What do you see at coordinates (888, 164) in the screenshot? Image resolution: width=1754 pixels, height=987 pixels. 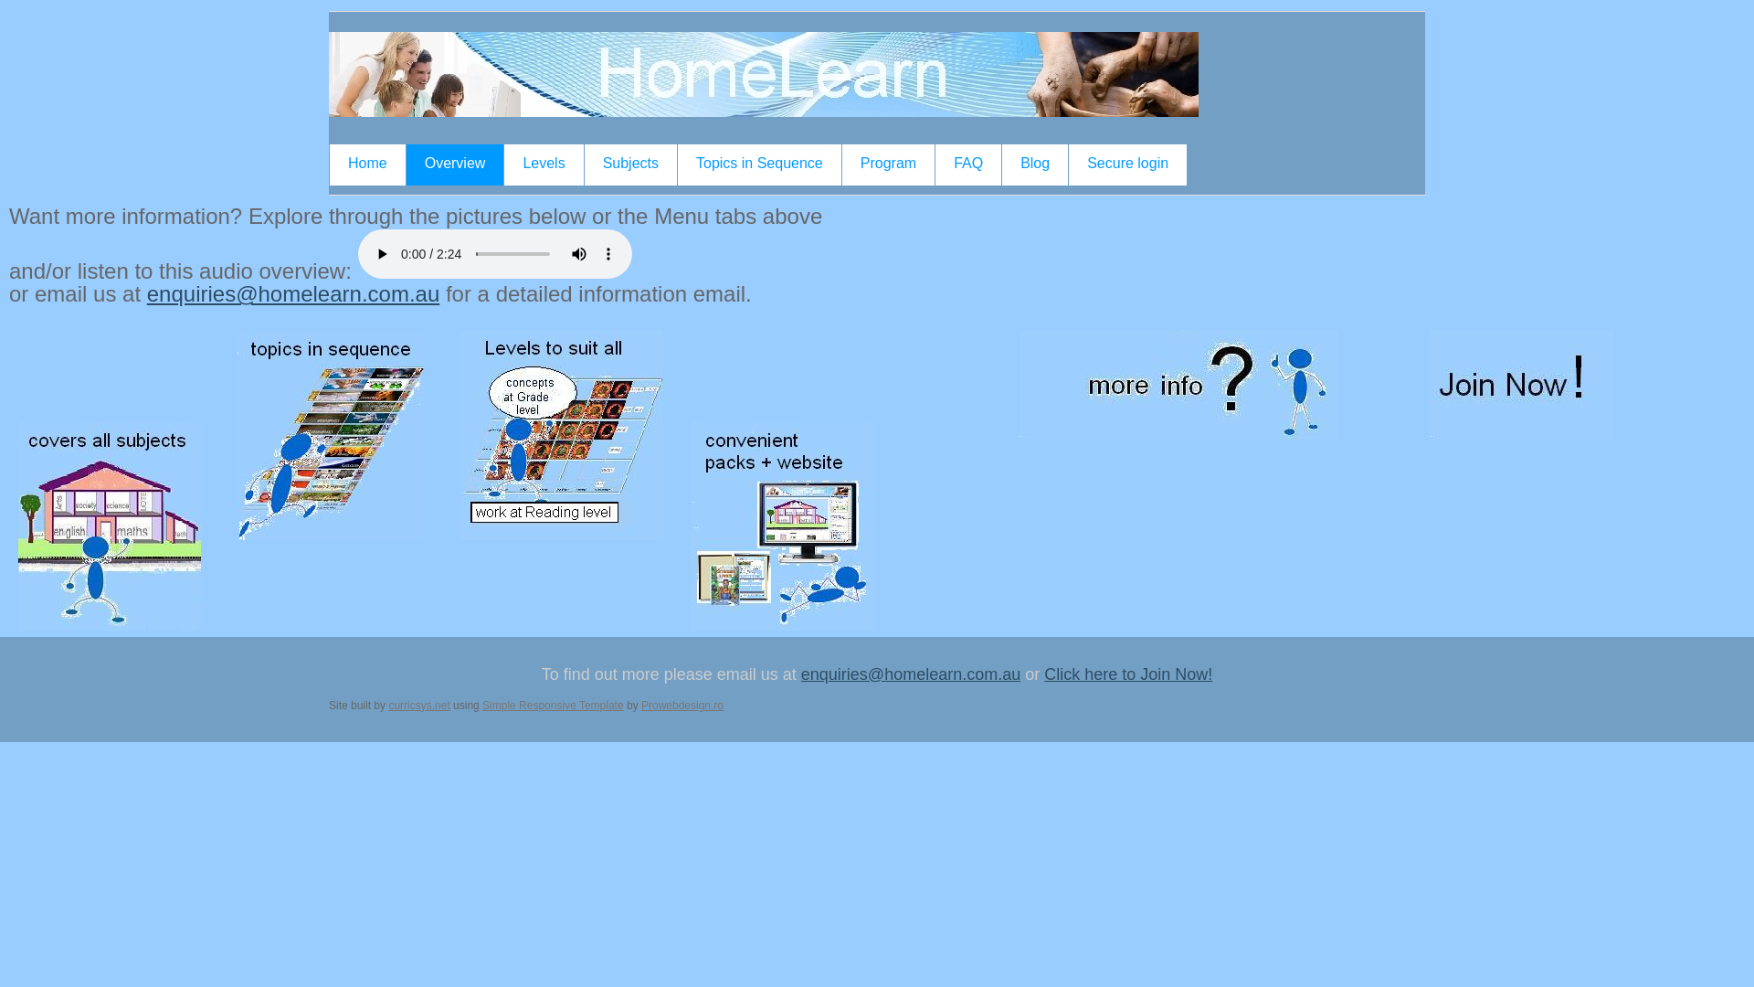 I see `'Program'` at bounding box center [888, 164].